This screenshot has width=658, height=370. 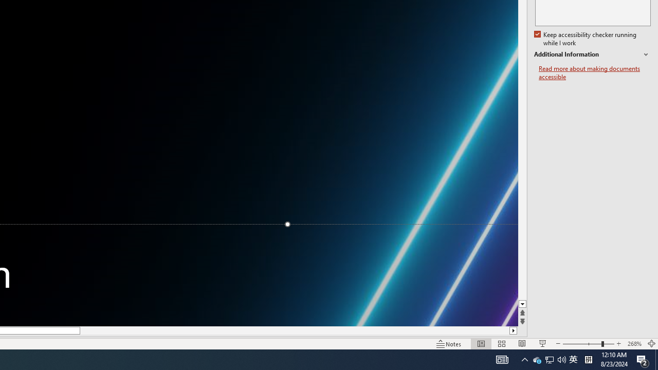 I want to click on 'Read more about making documents accessible', so click(x=595, y=72).